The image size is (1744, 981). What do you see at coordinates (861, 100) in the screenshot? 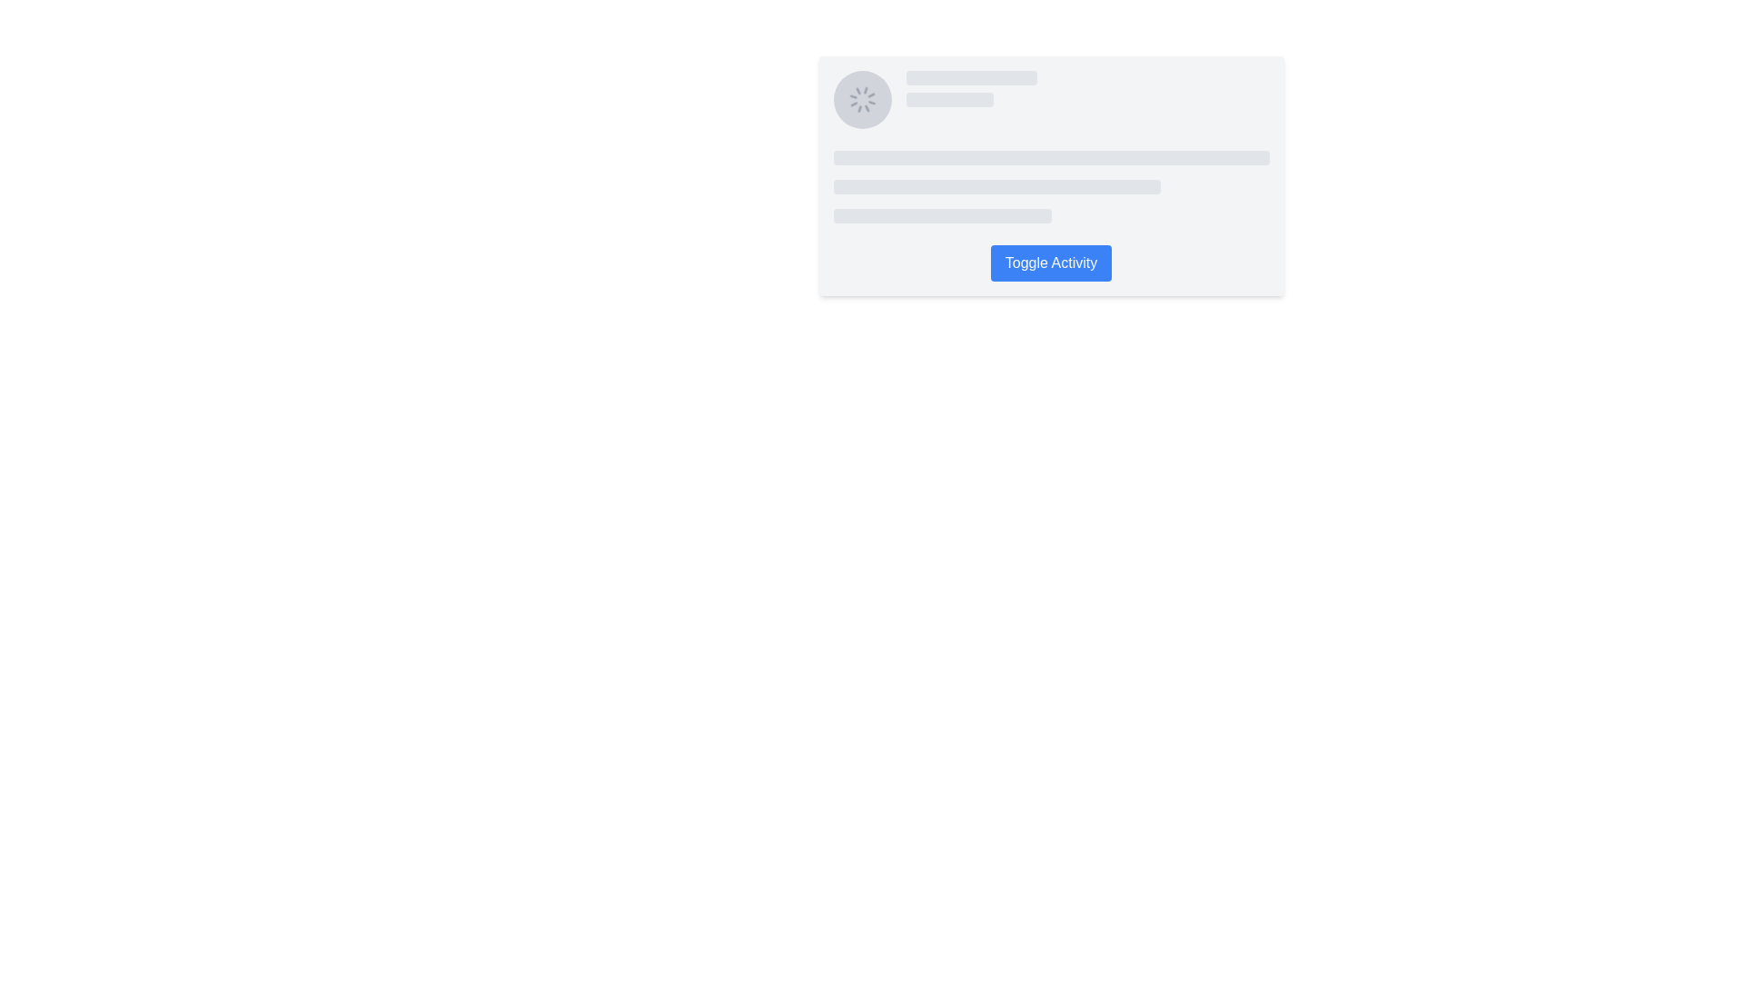
I see `the Spinner or loading animation located at the top-left corner of the card-like component to understand the loading state` at bounding box center [861, 100].